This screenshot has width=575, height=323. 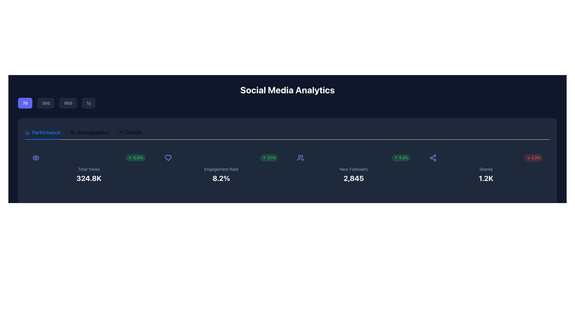 What do you see at coordinates (135, 158) in the screenshot?
I see `the Badge displaying '12.5%' with an upward arrow icon, located beneath the 'Total Views' text` at bounding box center [135, 158].